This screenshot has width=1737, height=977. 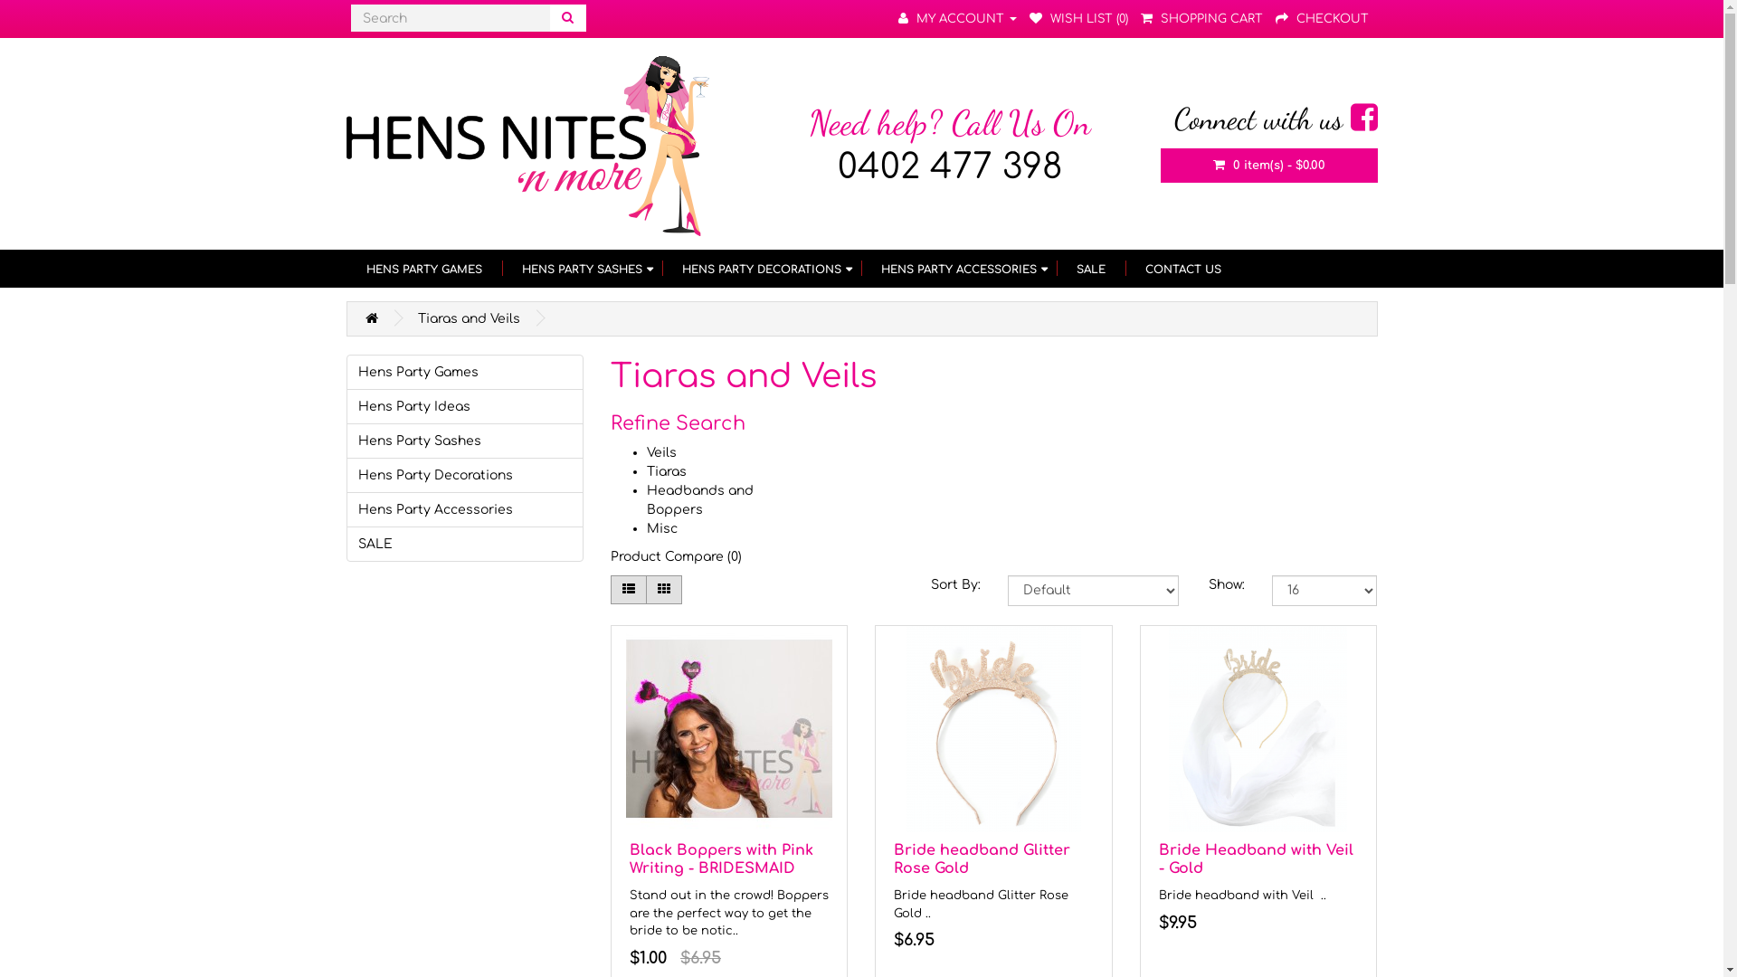 What do you see at coordinates (981, 858) in the screenshot?
I see `'Bride headband Glitter Rose Gold'` at bounding box center [981, 858].